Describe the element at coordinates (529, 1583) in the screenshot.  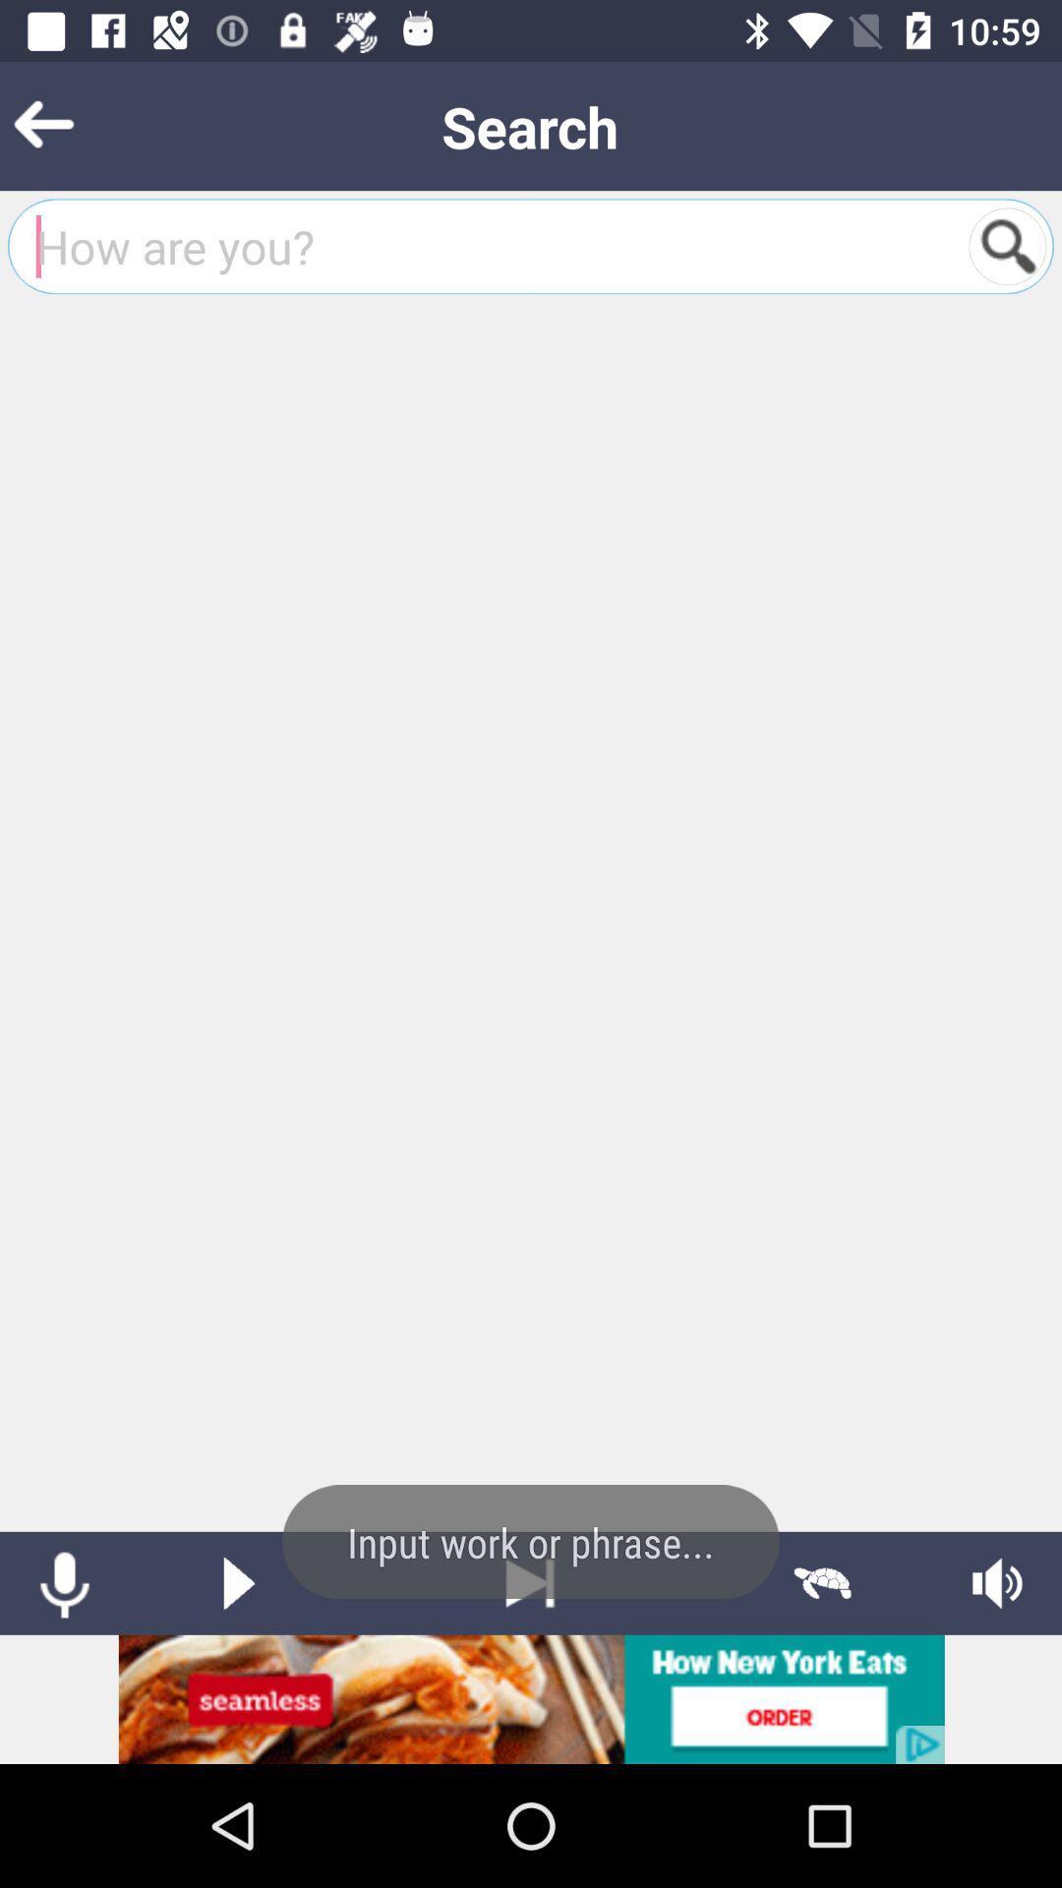
I see `next option` at that location.